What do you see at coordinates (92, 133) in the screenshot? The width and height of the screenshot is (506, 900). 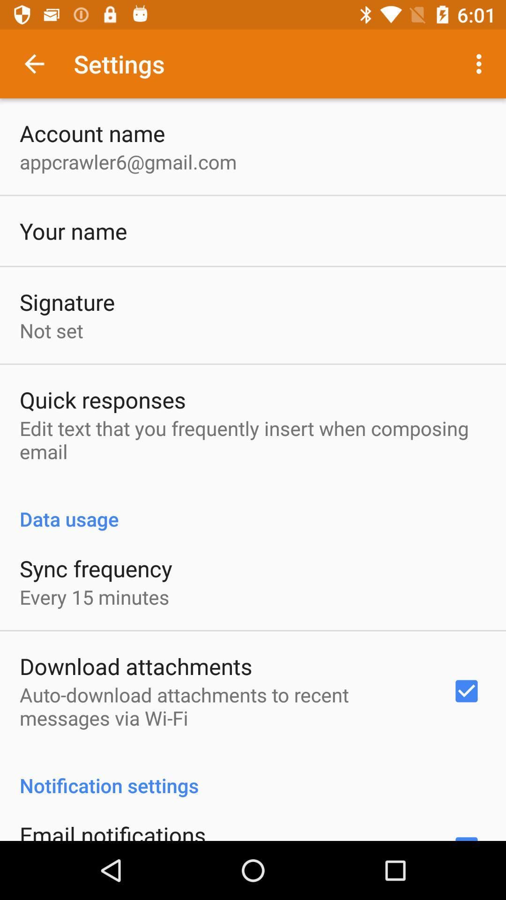 I see `the account name icon` at bounding box center [92, 133].